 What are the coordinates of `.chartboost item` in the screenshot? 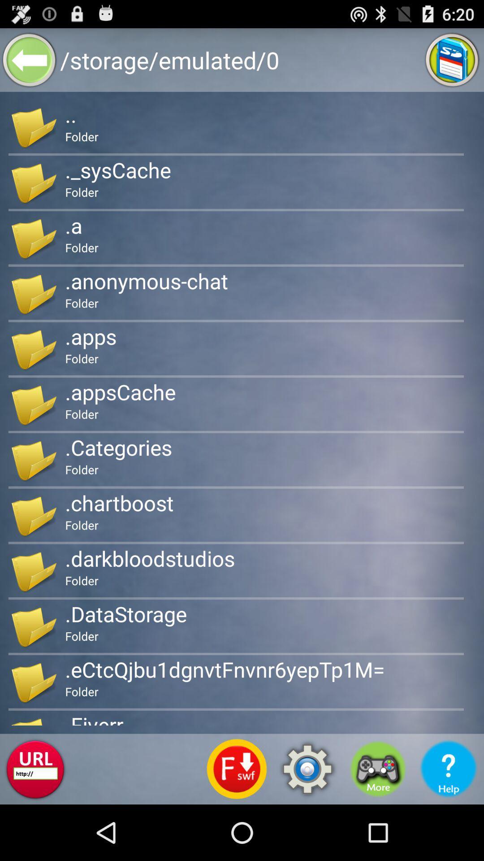 It's located at (119, 503).